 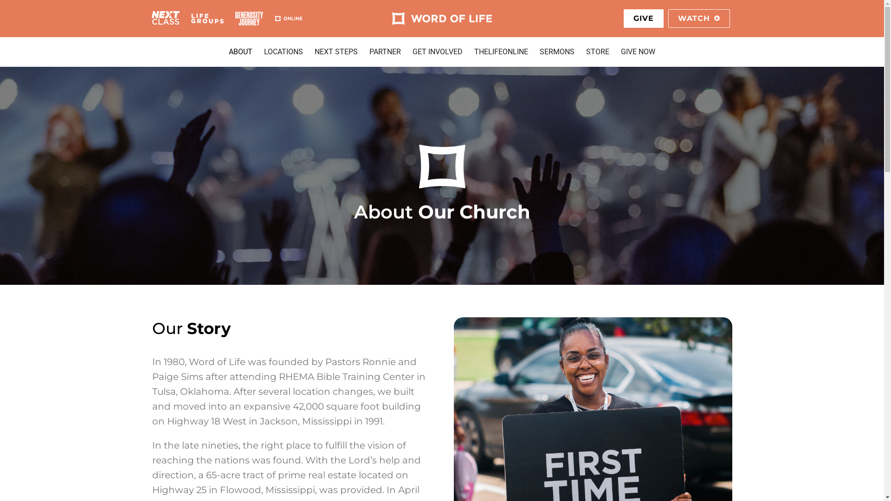 What do you see at coordinates (336, 51) in the screenshot?
I see `'NEXT STEPS'` at bounding box center [336, 51].